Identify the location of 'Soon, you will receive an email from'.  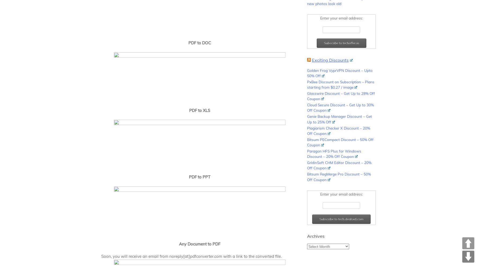
(135, 256).